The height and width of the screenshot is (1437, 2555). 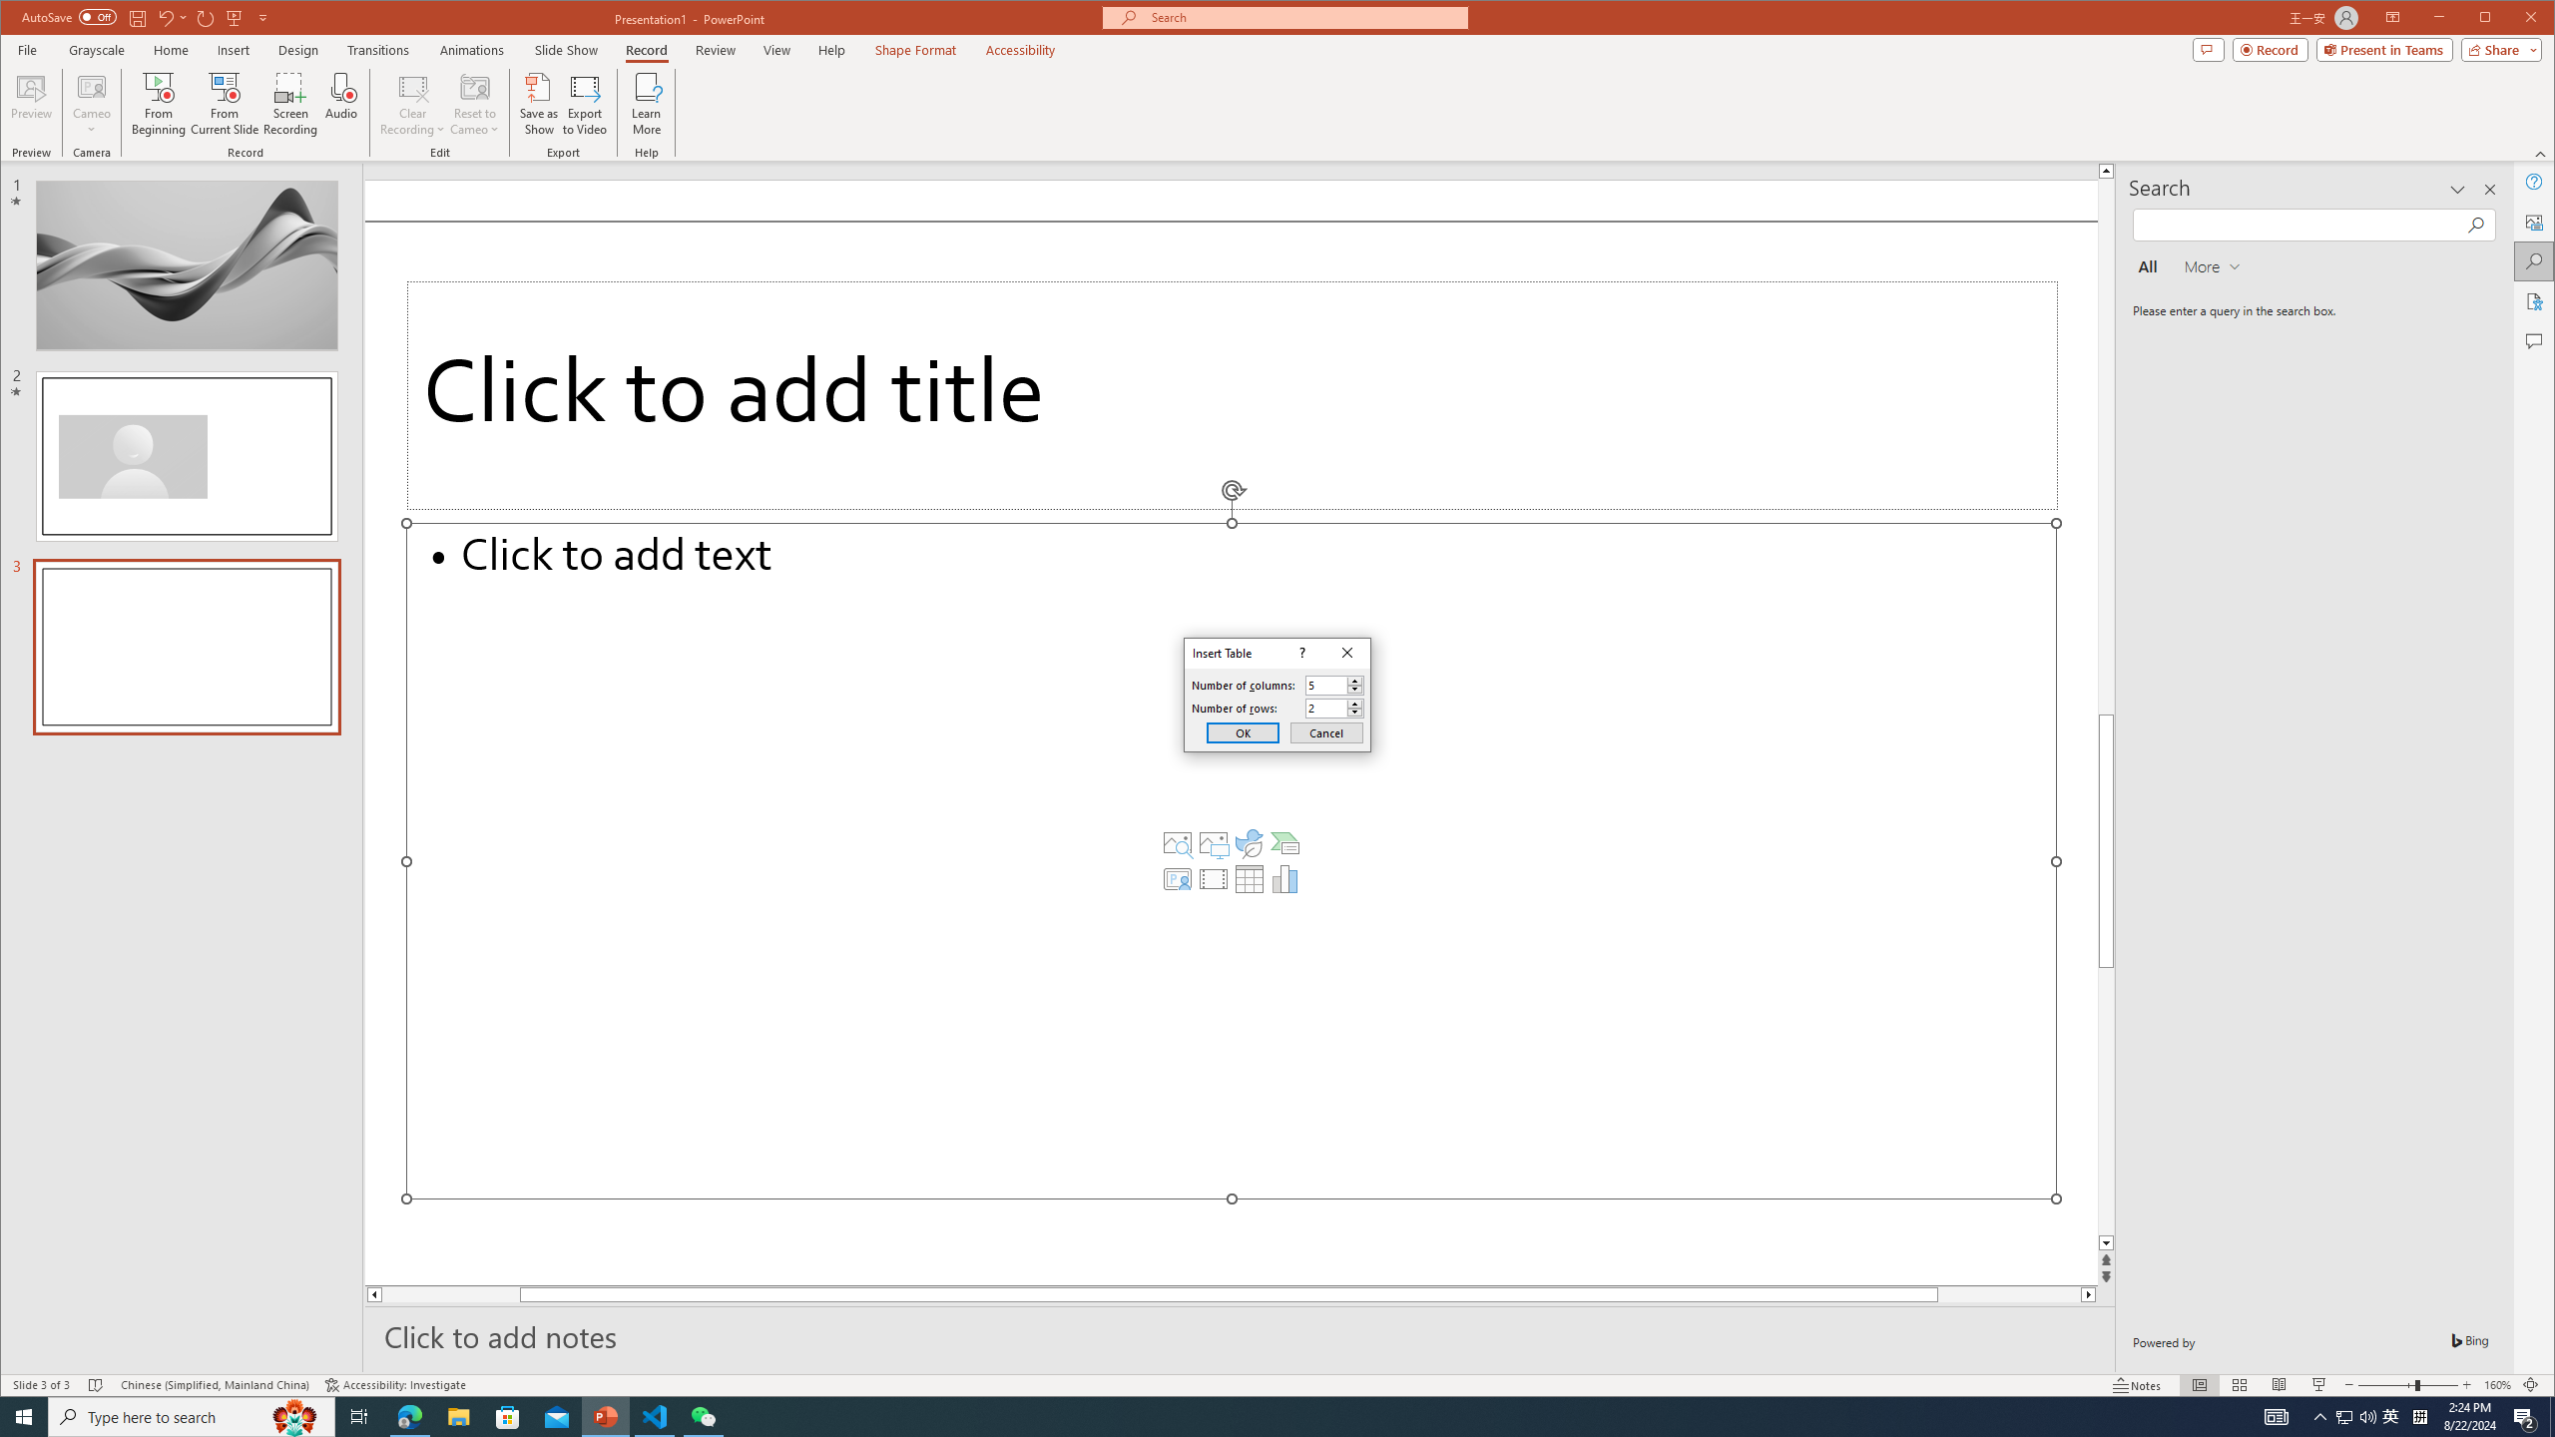 What do you see at coordinates (2105, 531) in the screenshot?
I see `'Page up'` at bounding box center [2105, 531].